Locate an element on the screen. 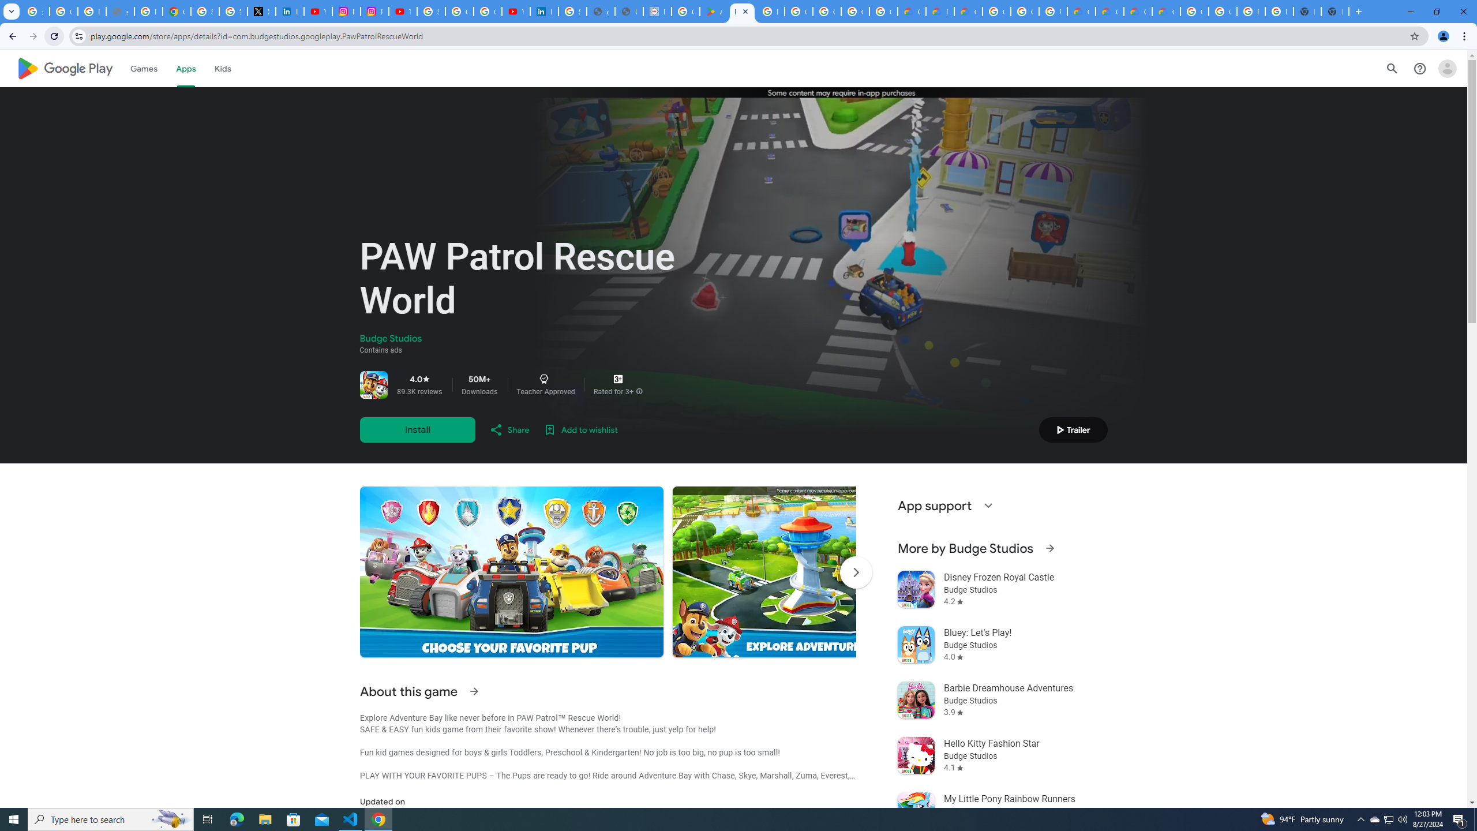 The width and height of the screenshot is (1477, 831). 'Add to wishlist' is located at coordinates (580, 429).